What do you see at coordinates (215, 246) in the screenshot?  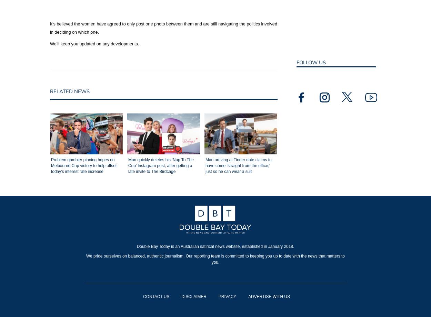 I see `'Double Bay Today is an Australian satirical news website, established in January 2018.'` at bounding box center [215, 246].